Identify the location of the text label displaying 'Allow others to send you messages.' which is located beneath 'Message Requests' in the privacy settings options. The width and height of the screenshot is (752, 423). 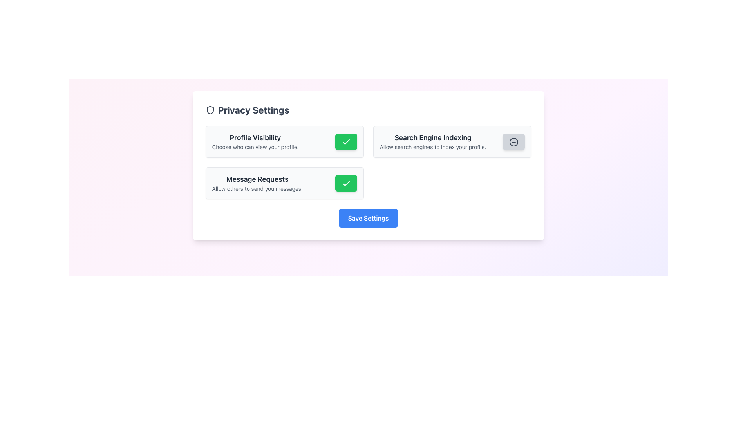
(257, 189).